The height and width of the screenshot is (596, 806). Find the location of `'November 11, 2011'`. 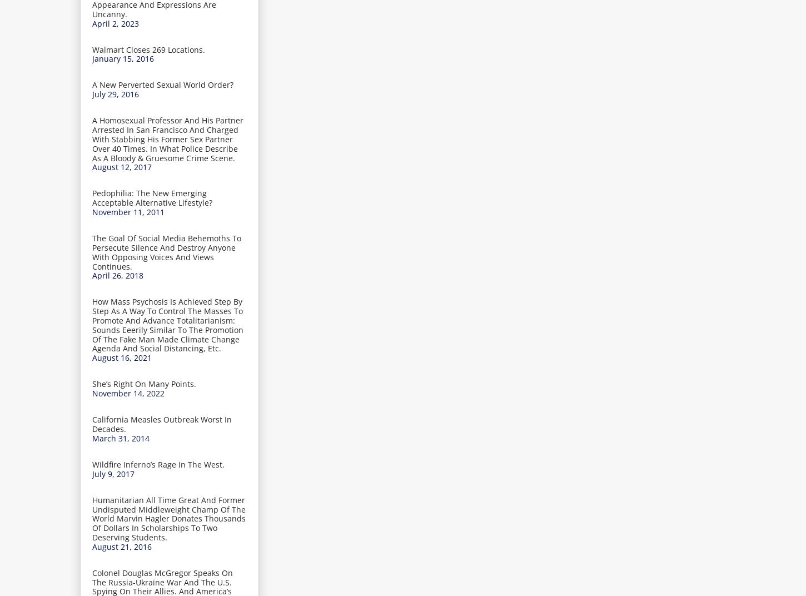

'November 11, 2011' is located at coordinates (127, 212).